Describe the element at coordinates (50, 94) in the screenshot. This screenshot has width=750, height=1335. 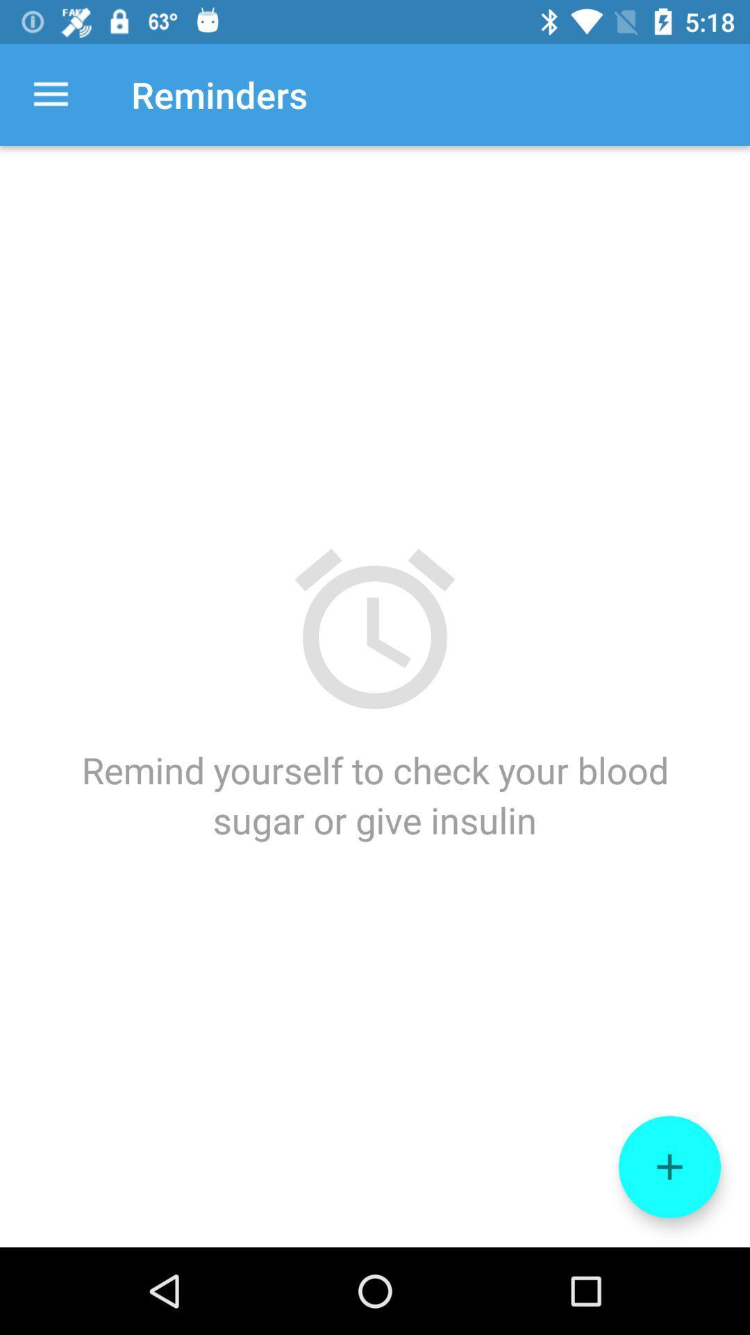
I see `item to the left of reminders` at that location.